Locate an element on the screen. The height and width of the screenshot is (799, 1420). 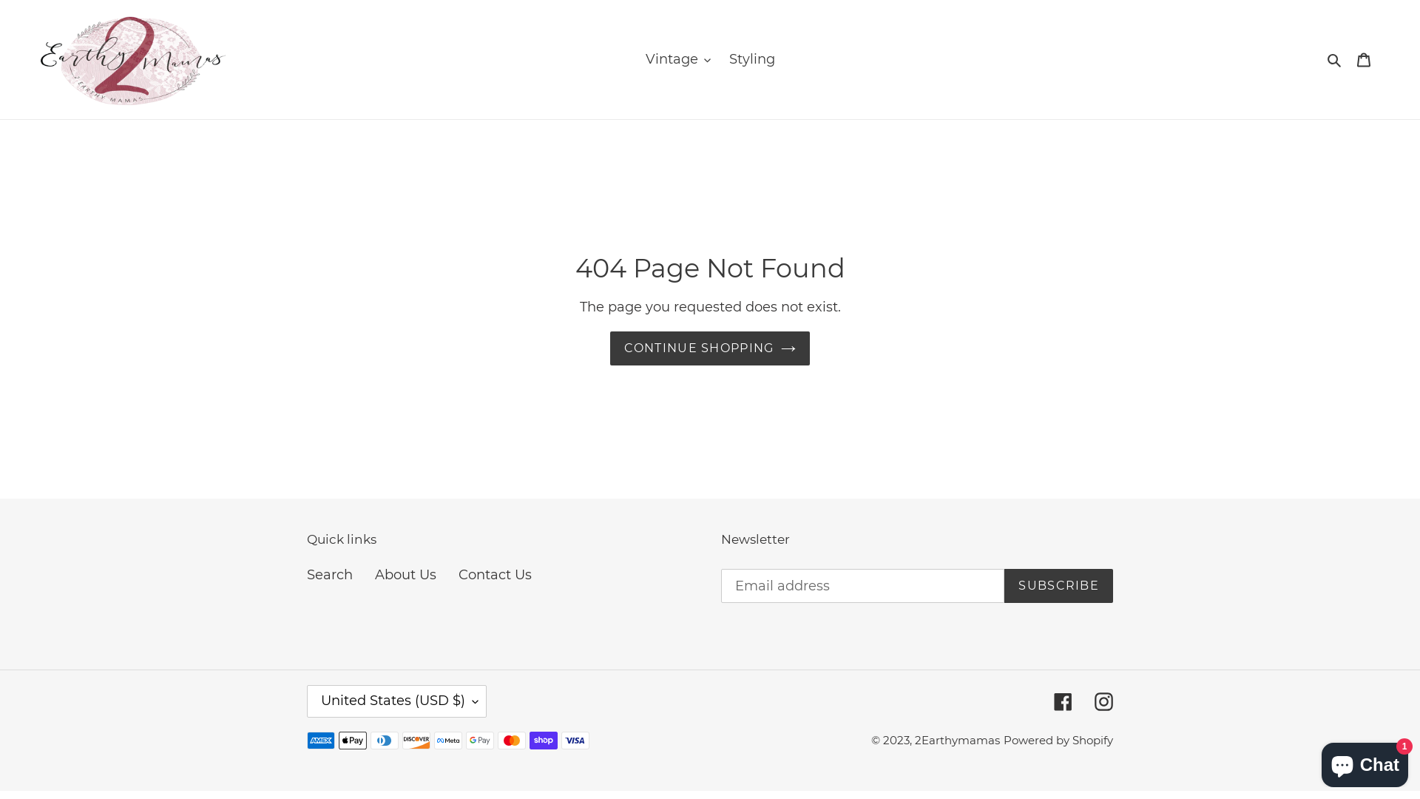
'United States (USD $)' is located at coordinates (396, 701).